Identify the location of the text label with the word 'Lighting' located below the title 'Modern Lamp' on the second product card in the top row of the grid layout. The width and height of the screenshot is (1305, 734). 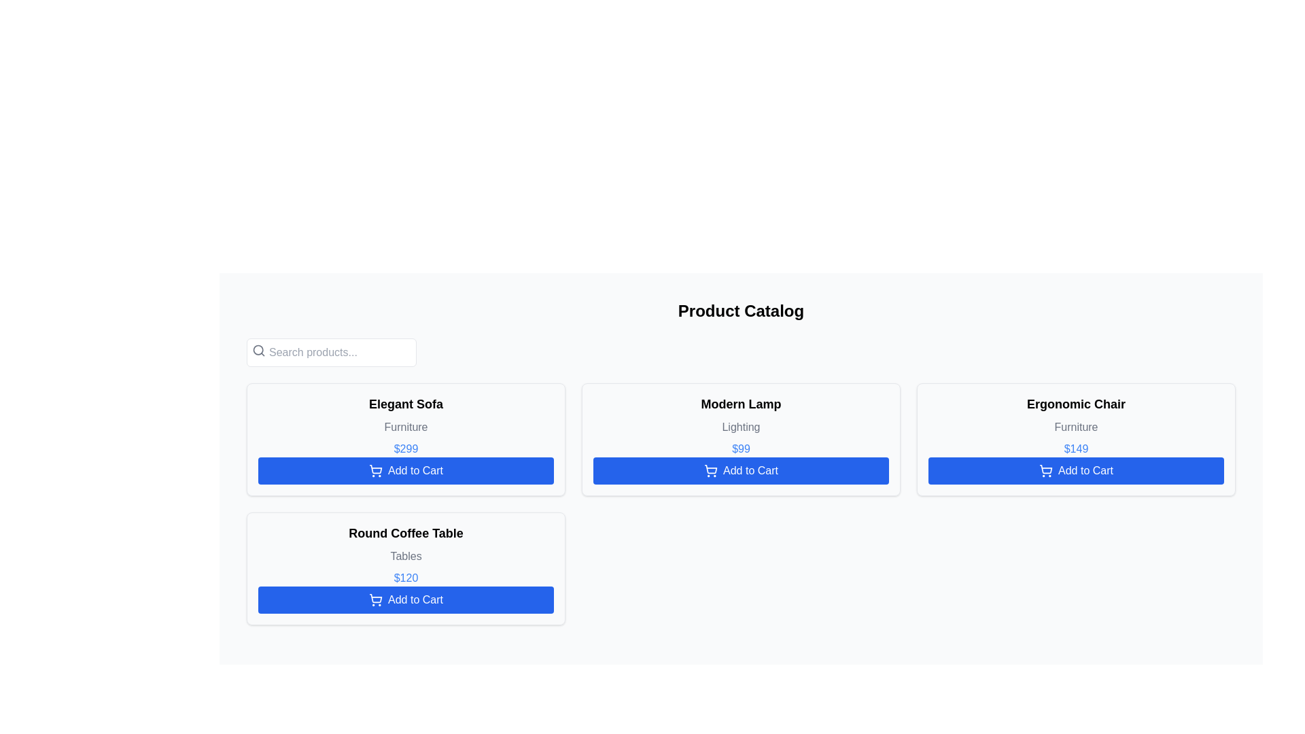
(740, 426).